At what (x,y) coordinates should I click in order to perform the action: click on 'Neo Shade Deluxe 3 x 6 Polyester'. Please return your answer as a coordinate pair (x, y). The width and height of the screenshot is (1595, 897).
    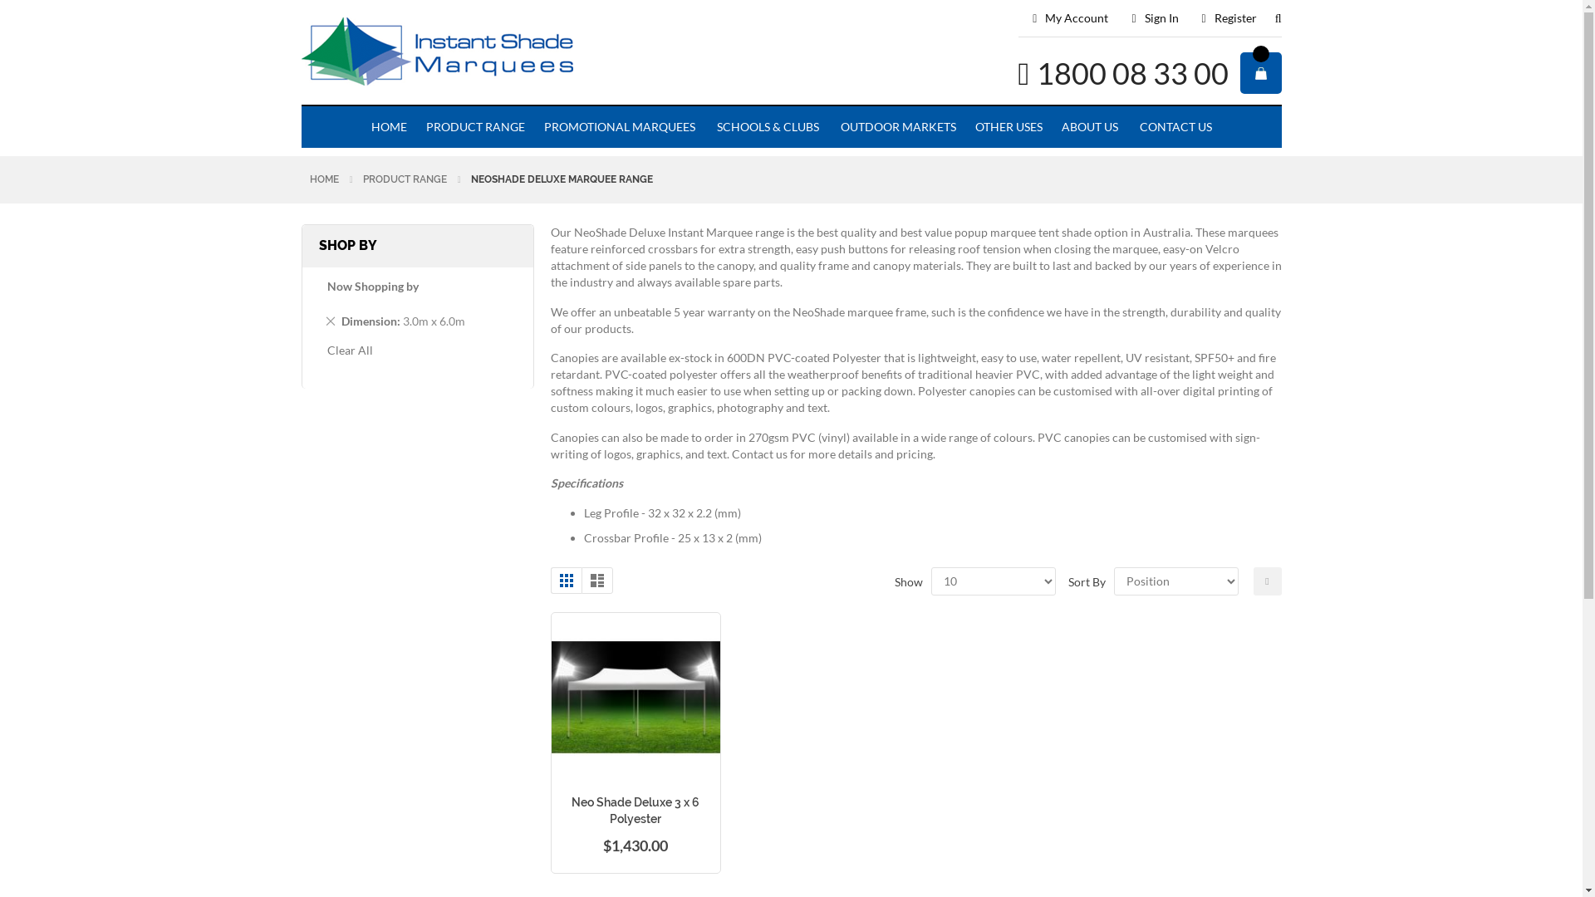
    Looking at the image, I should click on (634, 809).